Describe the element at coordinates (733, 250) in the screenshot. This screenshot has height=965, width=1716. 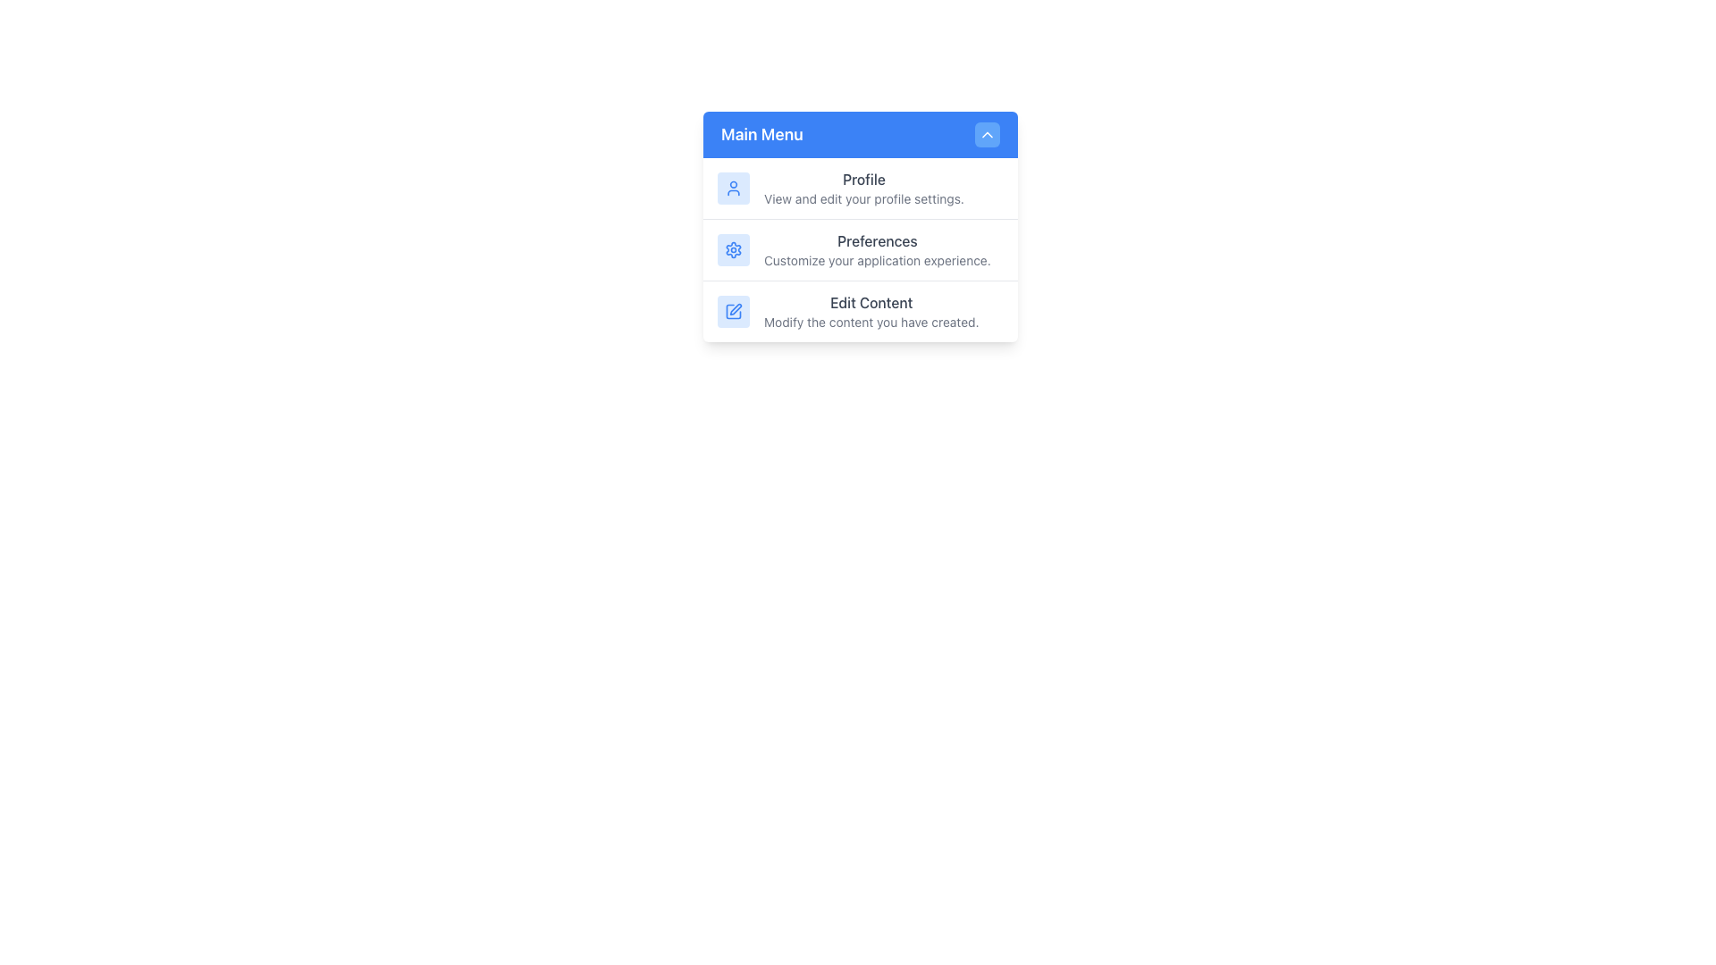
I see `the 'Preferences' icon located in the second row of the dropdown menu` at that location.